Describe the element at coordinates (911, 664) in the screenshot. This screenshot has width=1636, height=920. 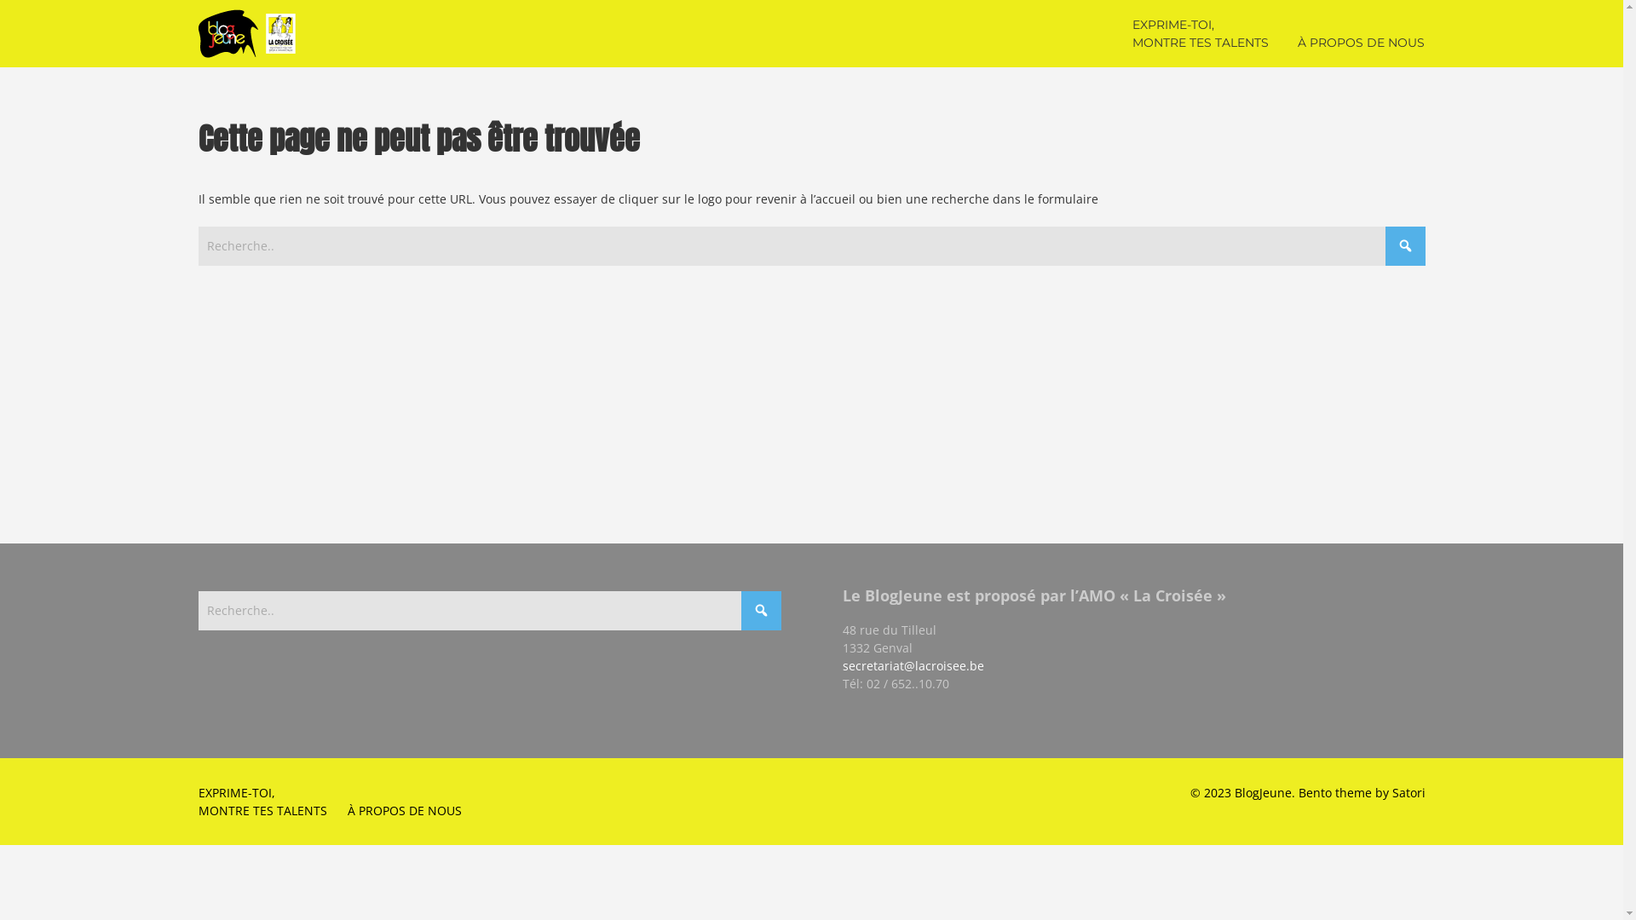
I see `'secretariat@lacroisee.be'` at that location.